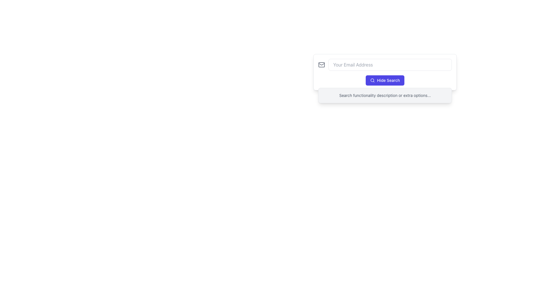  What do you see at coordinates (372, 80) in the screenshot?
I see `the magnifying glass icon located inside the 'Hide Search' button, which is styled with a stroke and positioned to the left of the button's text` at bounding box center [372, 80].